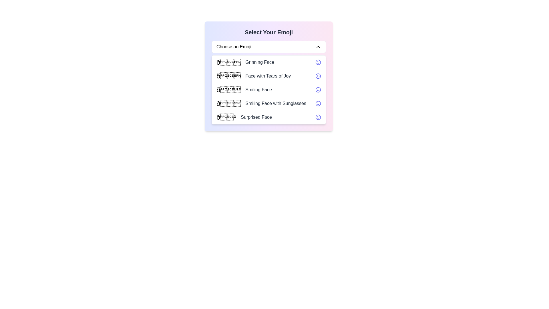 The image size is (549, 309). What do you see at coordinates (268, 90) in the screenshot?
I see `the third list item labeled 'Smiling Face'` at bounding box center [268, 90].